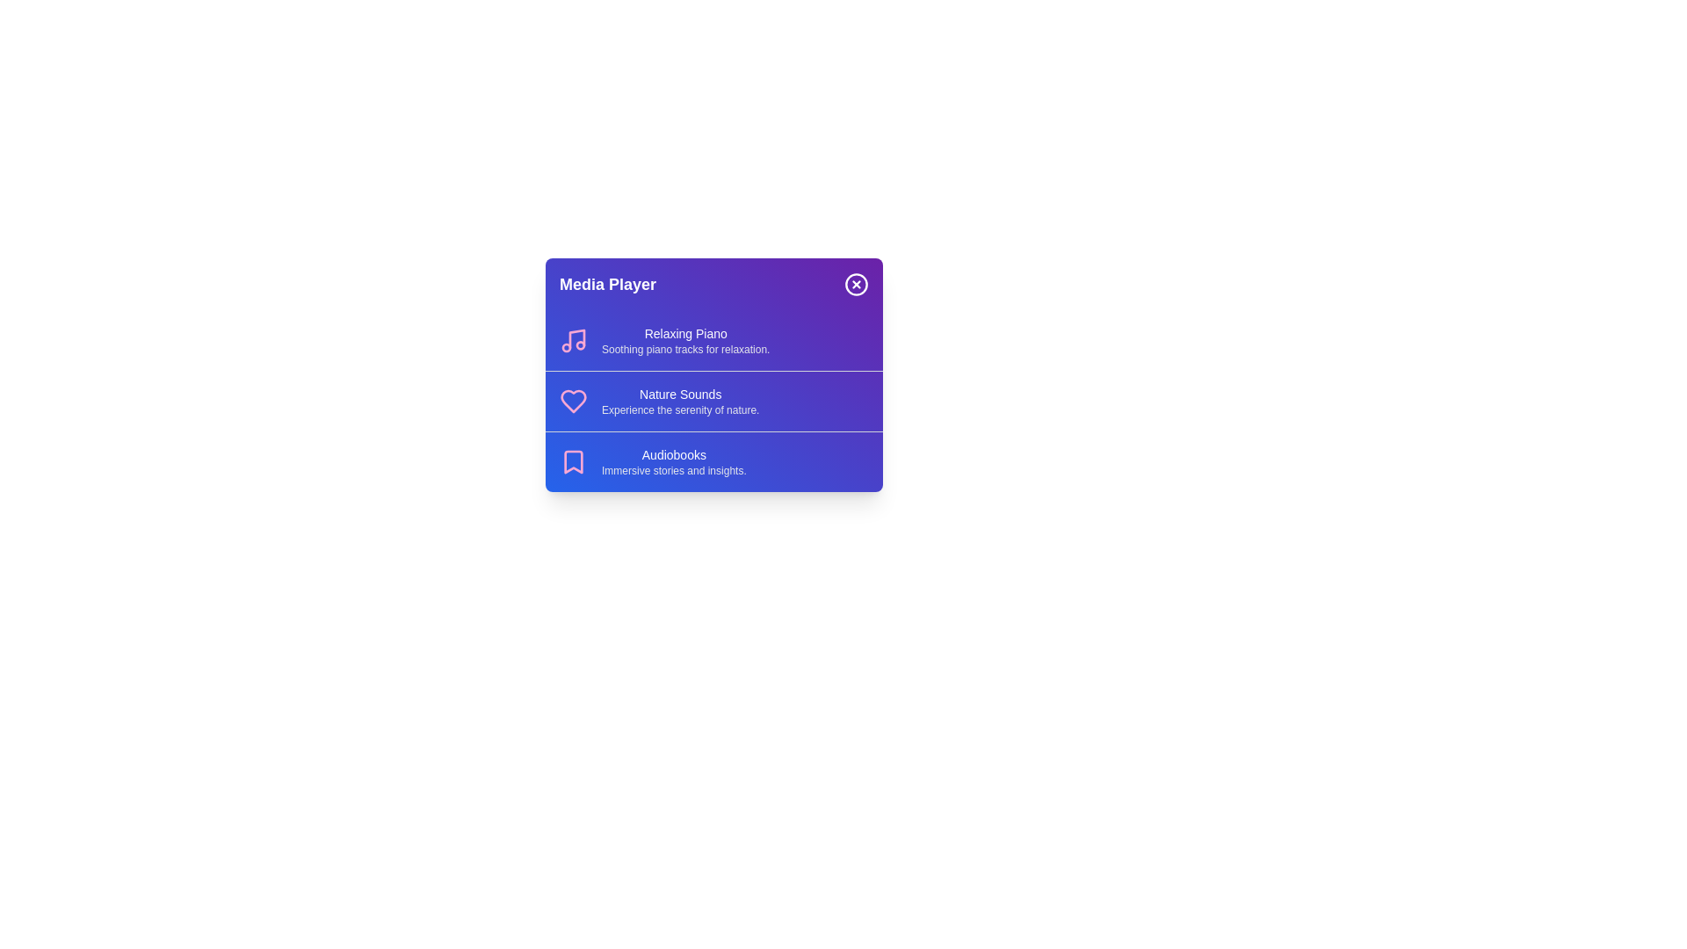 The image size is (1687, 949). Describe the element at coordinates (856, 284) in the screenshot. I see `button in the top-right corner to toggle the menu visibility` at that location.